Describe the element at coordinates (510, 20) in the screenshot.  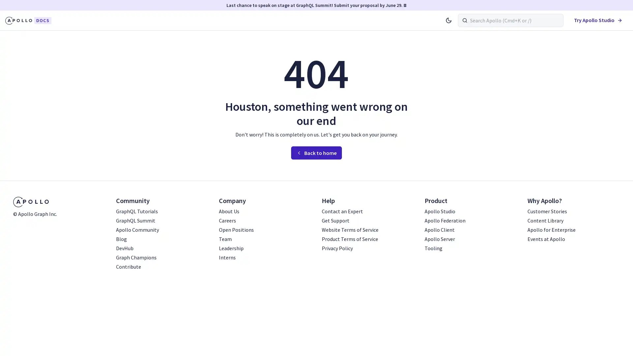
I see `Search Apollo (Cmd+K or /)` at that location.